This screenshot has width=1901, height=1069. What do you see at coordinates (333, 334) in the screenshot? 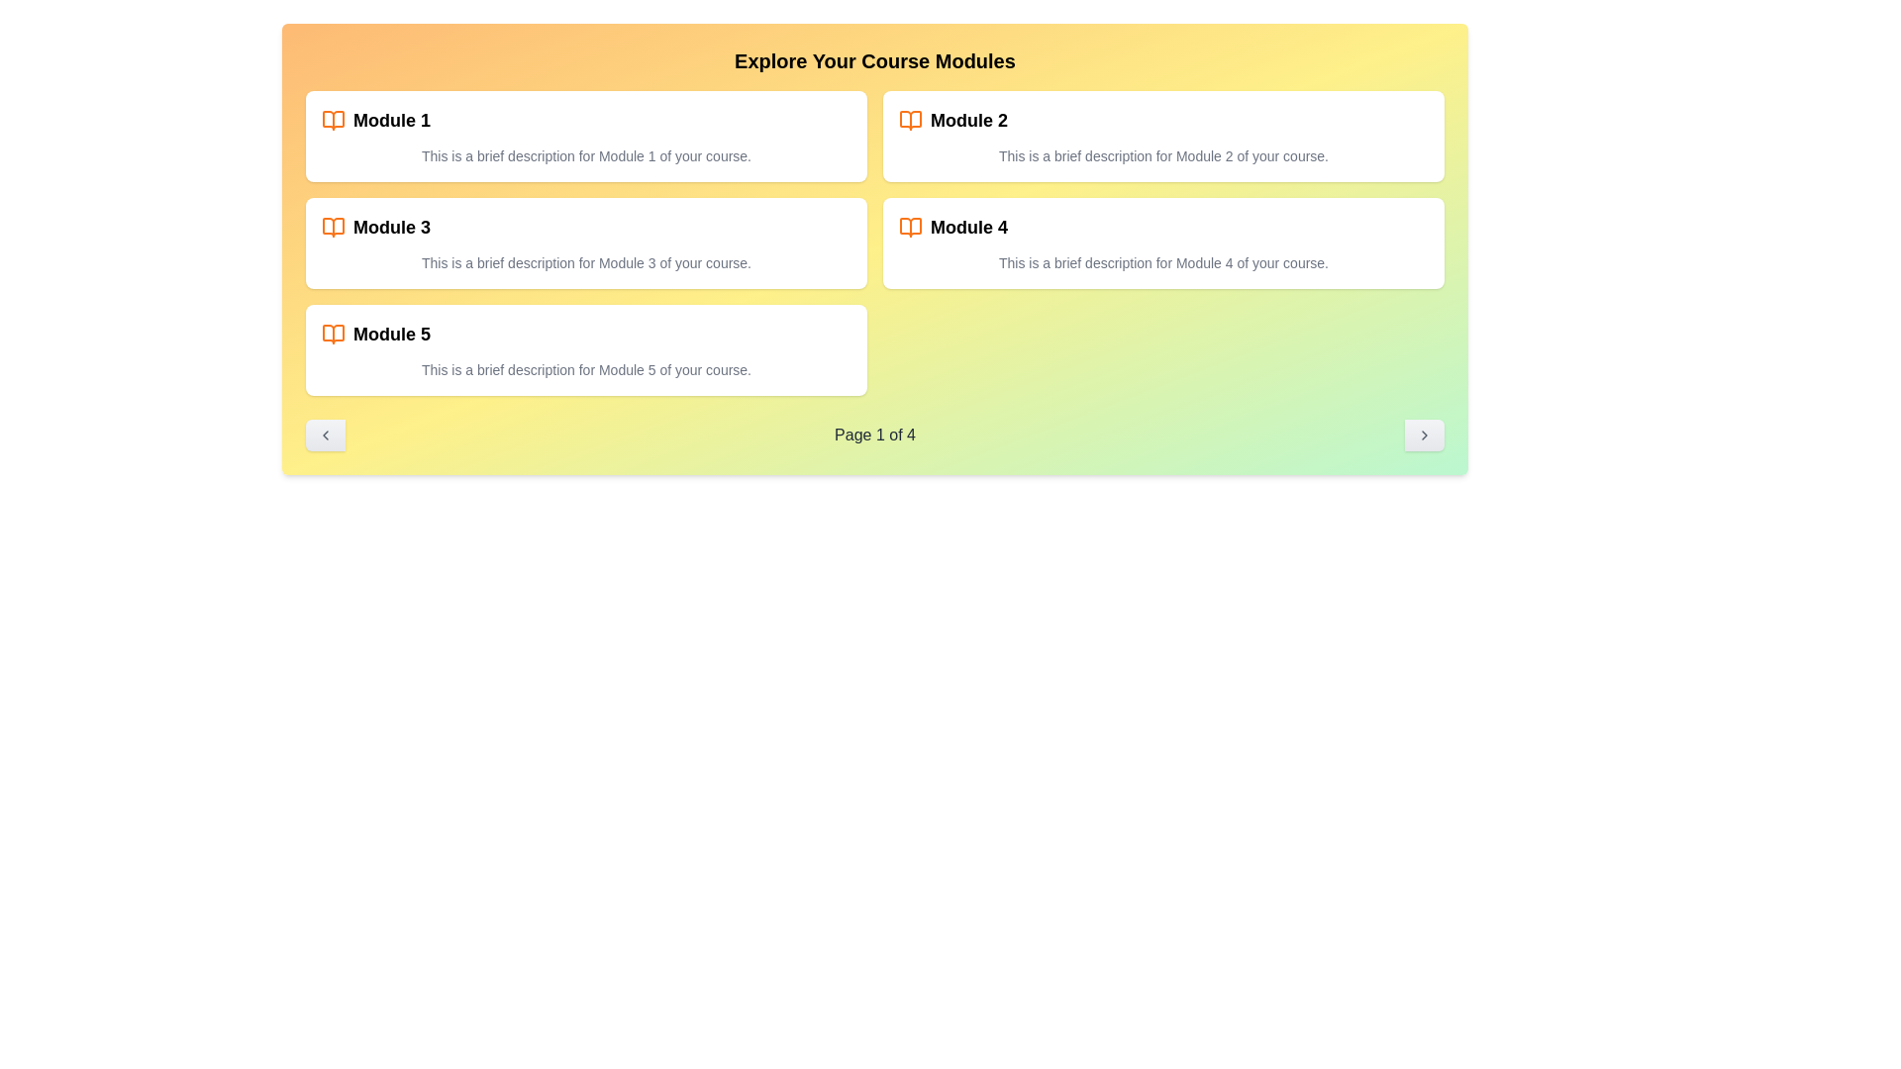
I see `the open book icon styled in orange, located to the left of the text 'Module 5' in the bottom-left section of the layout` at bounding box center [333, 334].